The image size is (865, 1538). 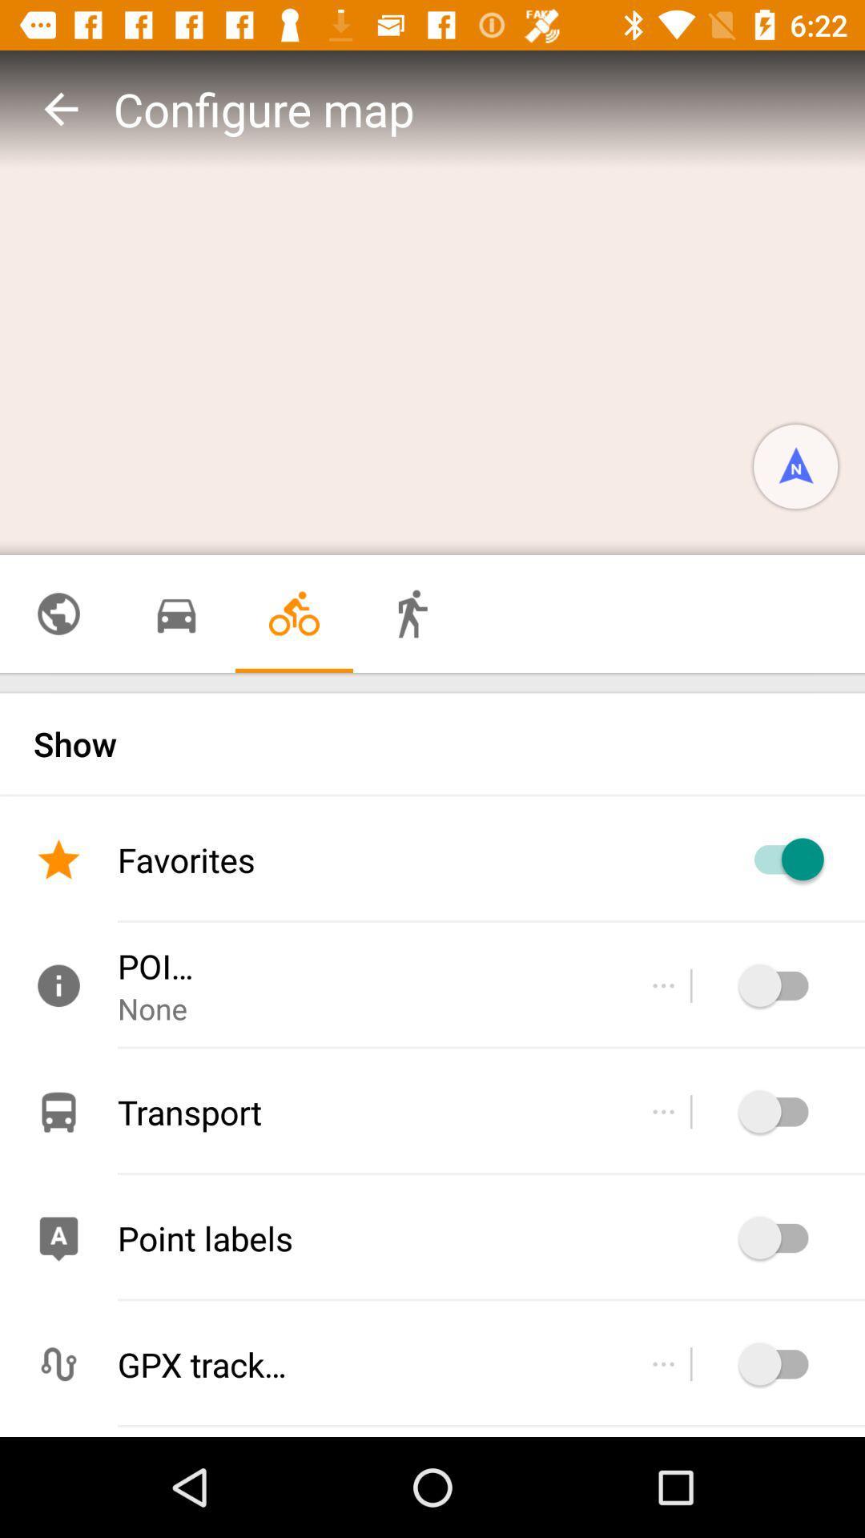 What do you see at coordinates (795, 465) in the screenshot?
I see `the navigation icon` at bounding box center [795, 465].